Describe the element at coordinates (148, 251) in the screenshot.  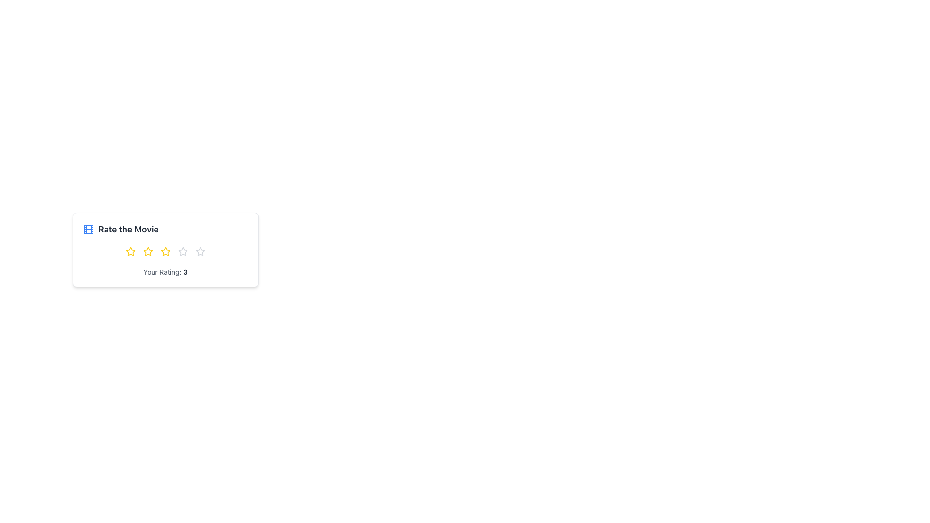
I see `the third rating star in the 'Rate the Movie' section` at that location.